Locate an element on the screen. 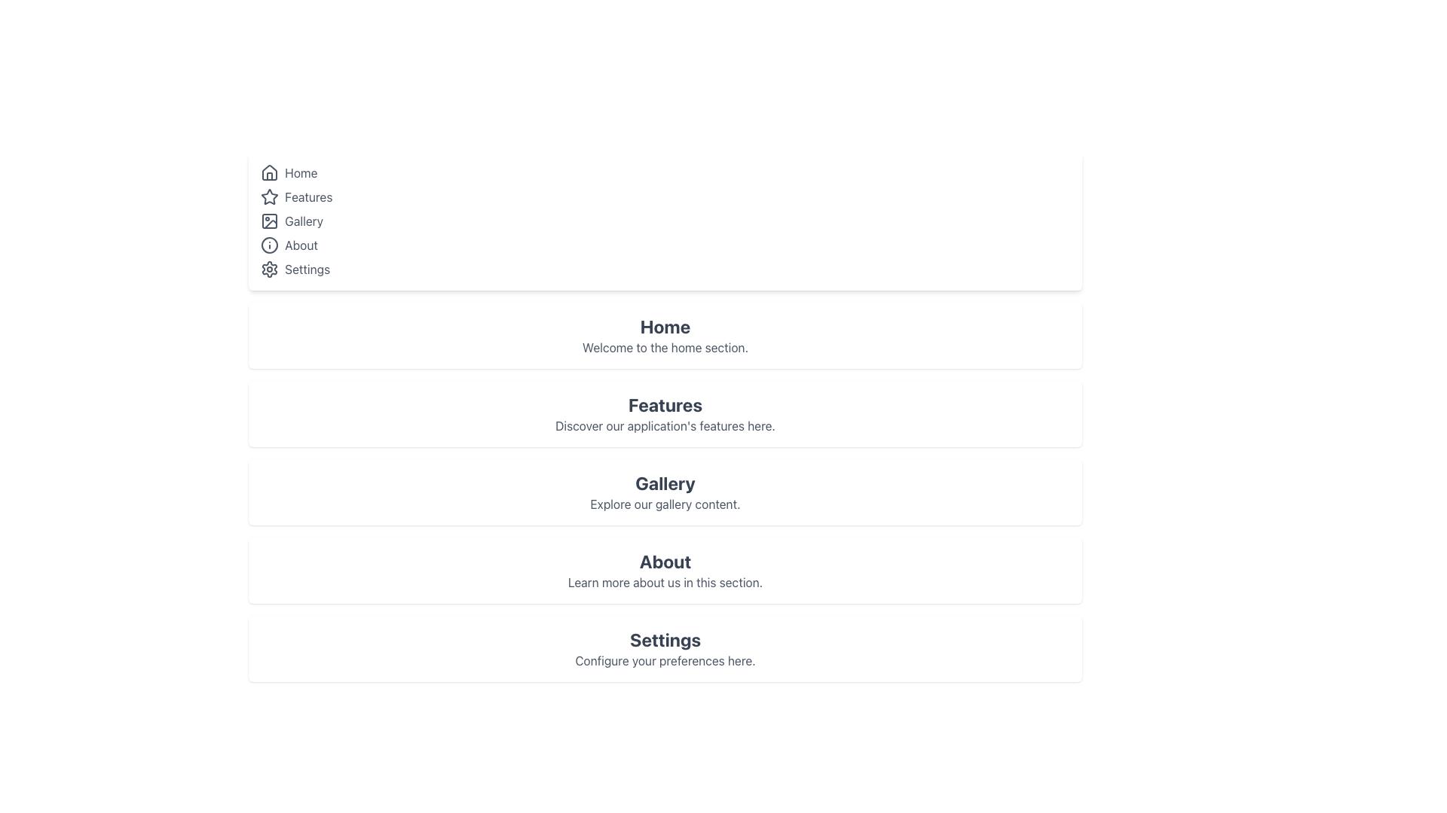 This screenshot has width=1447, height=813. the 'About' icon located in the vertical navigation menu, which is the fourth icon below 'Gallery' and above 'Settings' is located at coordinates (270, 245).